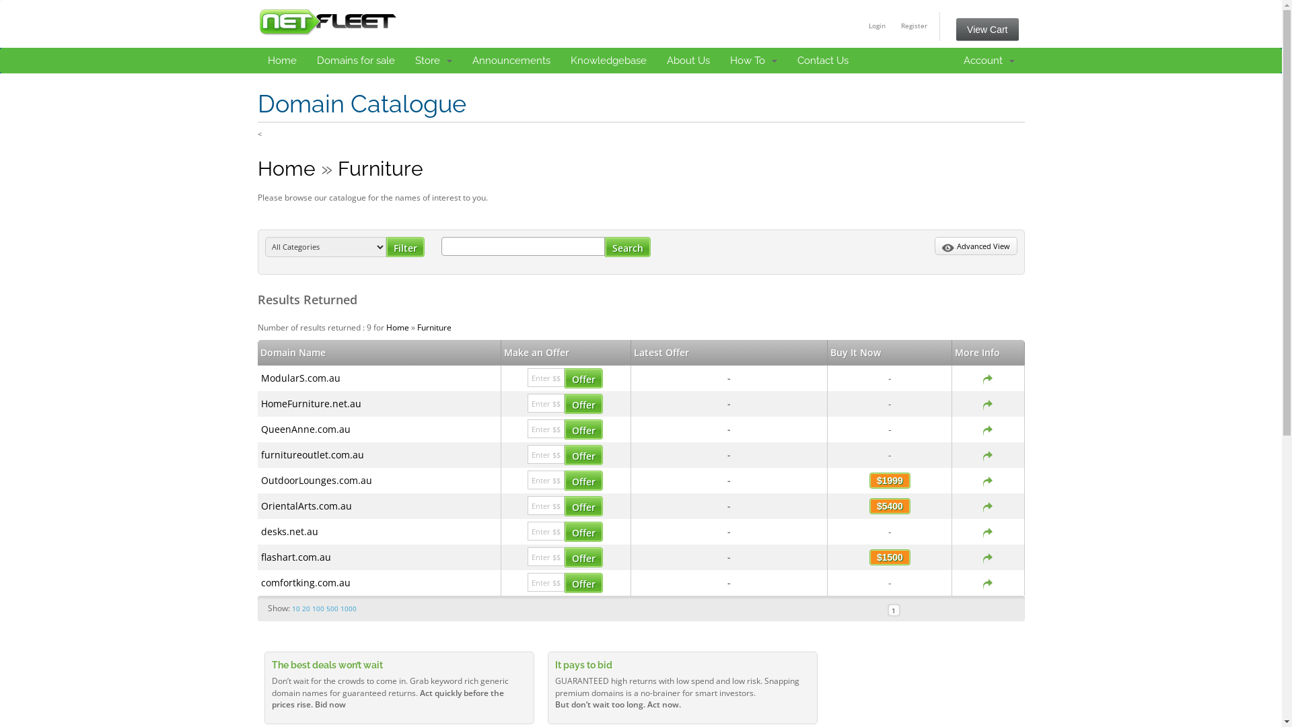 The height and width of the screenshot is (727, 1292). Describe the element at coordinates (633, 351) in the screenshot. I see `'Latest Offer'` at that location.